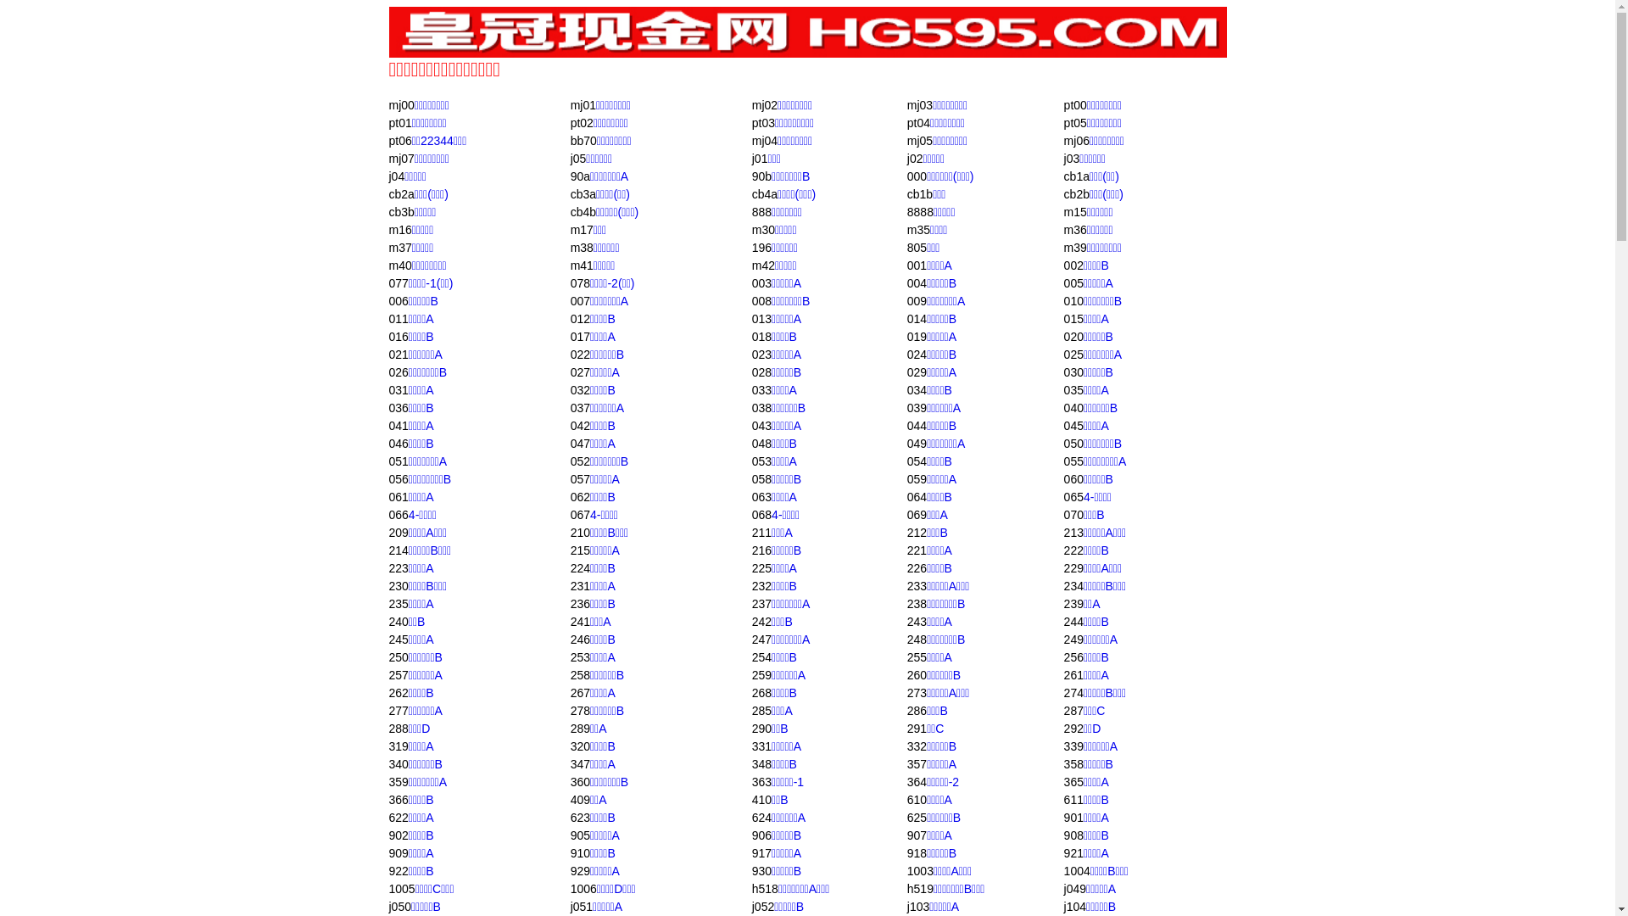 The image size is (1628, 916). What do you see at coordinates (397, 353) in the screenshot?
I see `'021'` at bounding box center [397, 353].